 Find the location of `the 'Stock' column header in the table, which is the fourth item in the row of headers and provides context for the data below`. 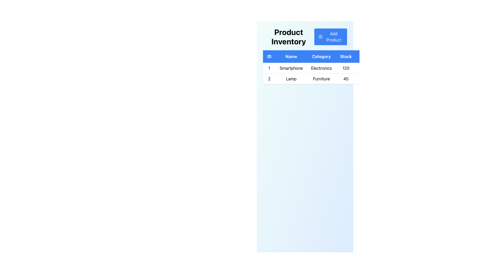

the 'Stock' column header in the table, which is the fourth item in the row of headers and provides context for the data below is located at coordinates (346, 57).